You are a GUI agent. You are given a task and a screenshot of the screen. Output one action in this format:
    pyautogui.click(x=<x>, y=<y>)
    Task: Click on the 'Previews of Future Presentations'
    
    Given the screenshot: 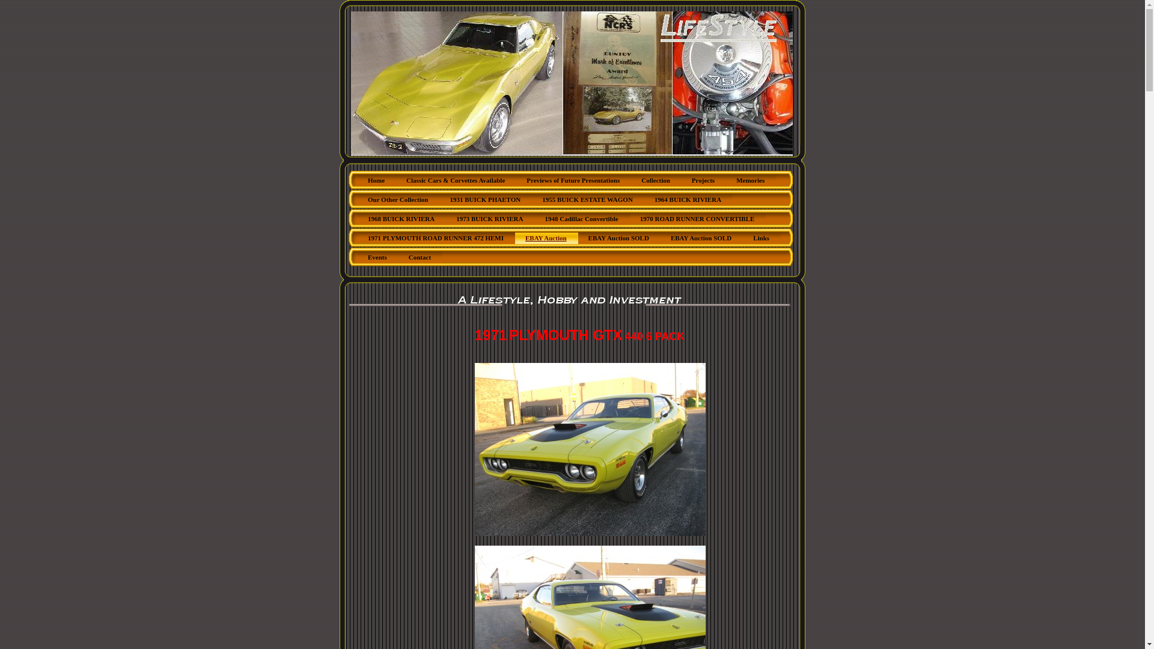 What is the action you would take?
    pyautogui.click(x=573, y=181)
    